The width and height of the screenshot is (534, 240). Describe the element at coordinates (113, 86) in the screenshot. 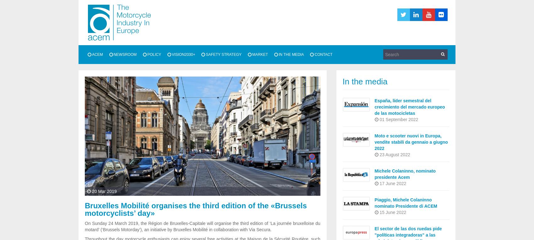

I see `'External activities'` at that location.